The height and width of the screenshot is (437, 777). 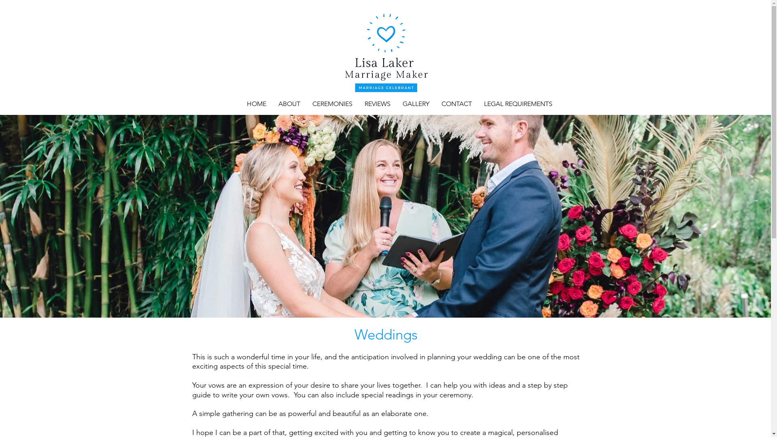 I want to click on 'REVIEWS', so click(x=377, y=104).